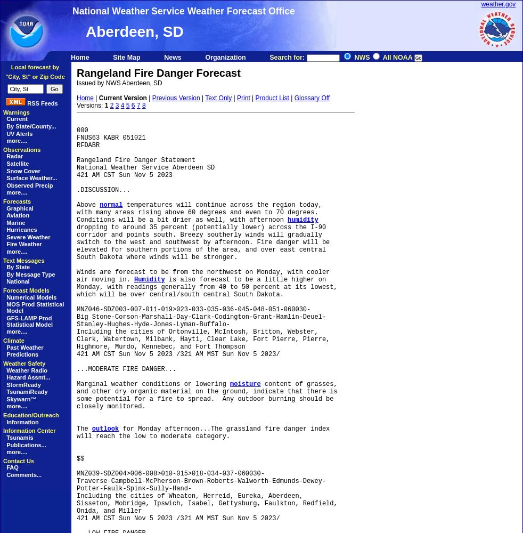 The image size is (523, 533). What do you see at coordinates (11, 467) in the screenshot?
I see `'FAQ'` at bounding box center [11, 467].